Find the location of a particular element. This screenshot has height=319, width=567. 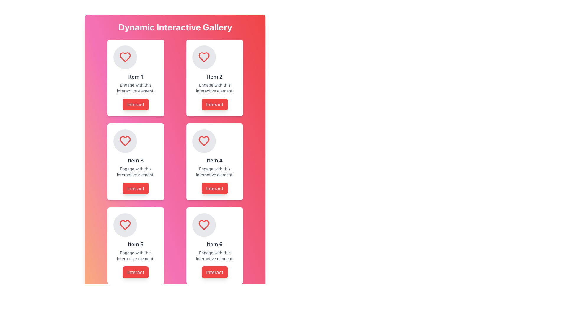

the red heart icon located inside the circular avatar area of the 'Item 1' card in the top-left position of the grid is located at coordinates (125, 57).